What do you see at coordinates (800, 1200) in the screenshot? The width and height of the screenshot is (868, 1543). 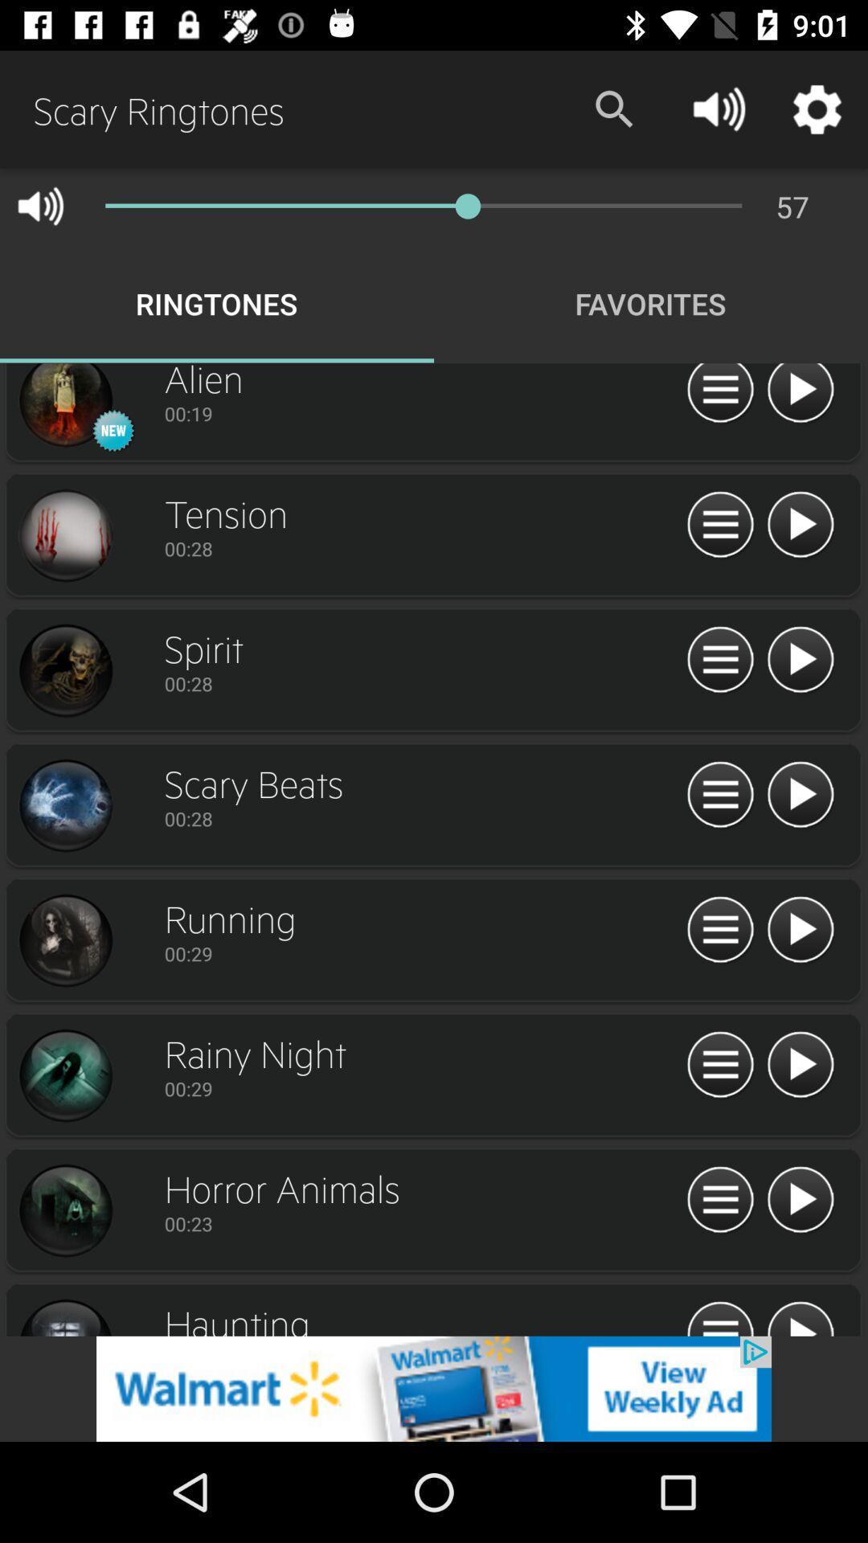 I see `play` at bounding box center [800, 1200].